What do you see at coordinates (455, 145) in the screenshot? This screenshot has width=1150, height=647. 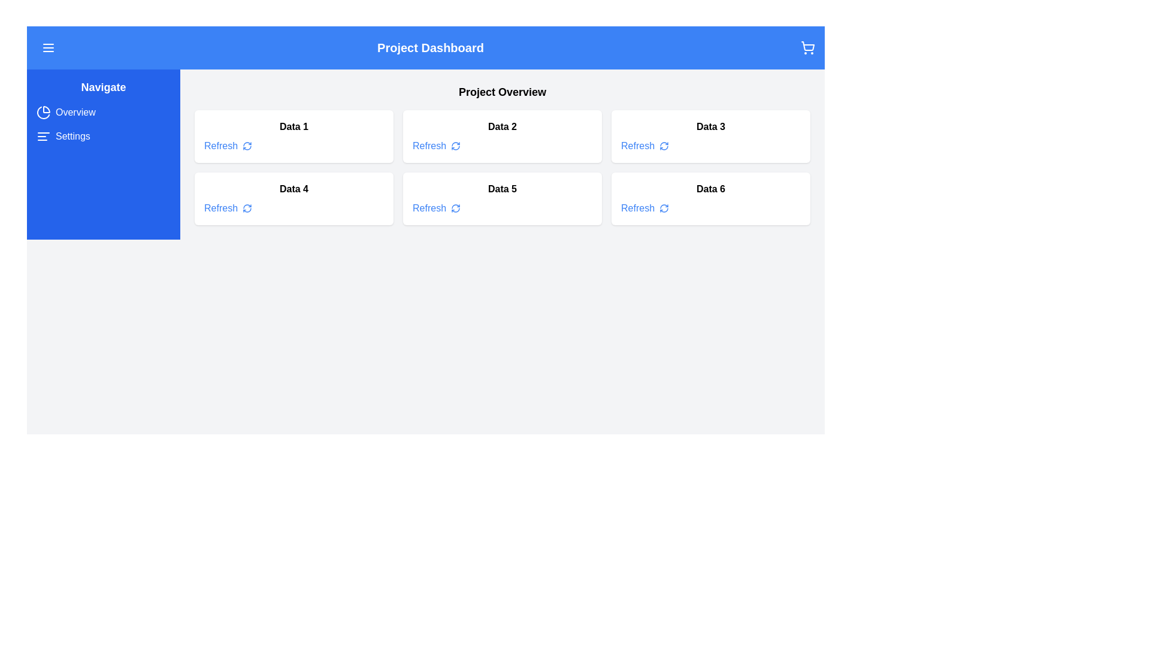 I see `the refresh icon button located to the right of the 'Refresh' text in the 'Data 2' section of the Project Overview grid` at bounding box center [455, 145].